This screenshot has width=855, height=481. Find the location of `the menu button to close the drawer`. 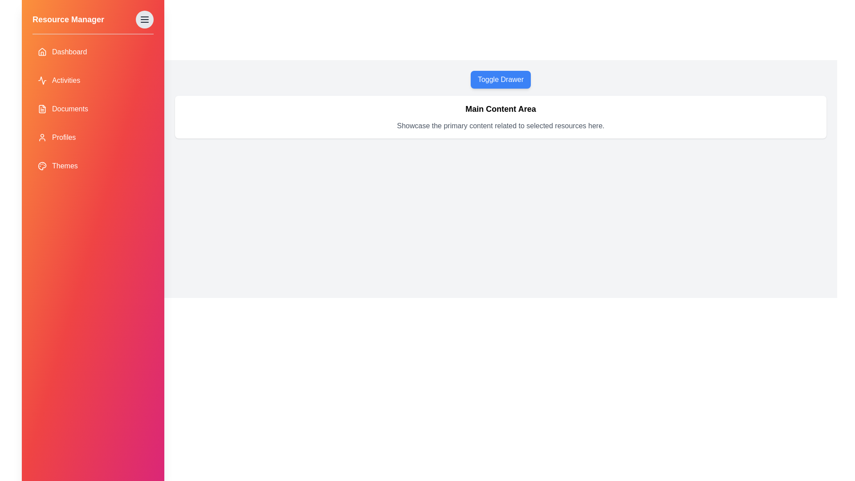

the menu button to close the drawer is located at coordinates (145, 19).